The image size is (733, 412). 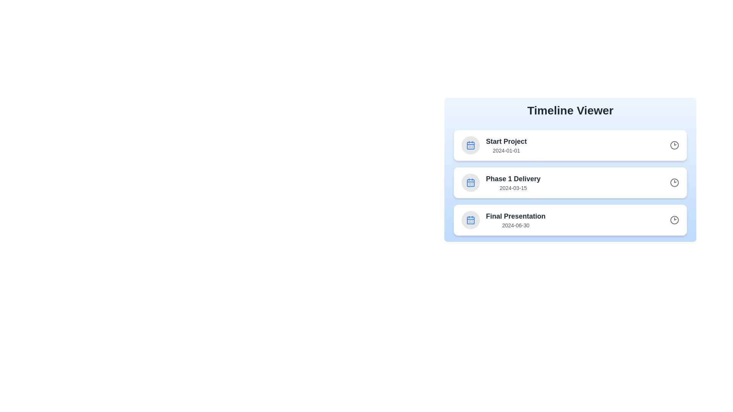 What do you see at coordinates (470, 220) in the screenshot?
I see `the calendar icon representing 'Start Project 2024-01-01'` at bounding box center [470, 220].